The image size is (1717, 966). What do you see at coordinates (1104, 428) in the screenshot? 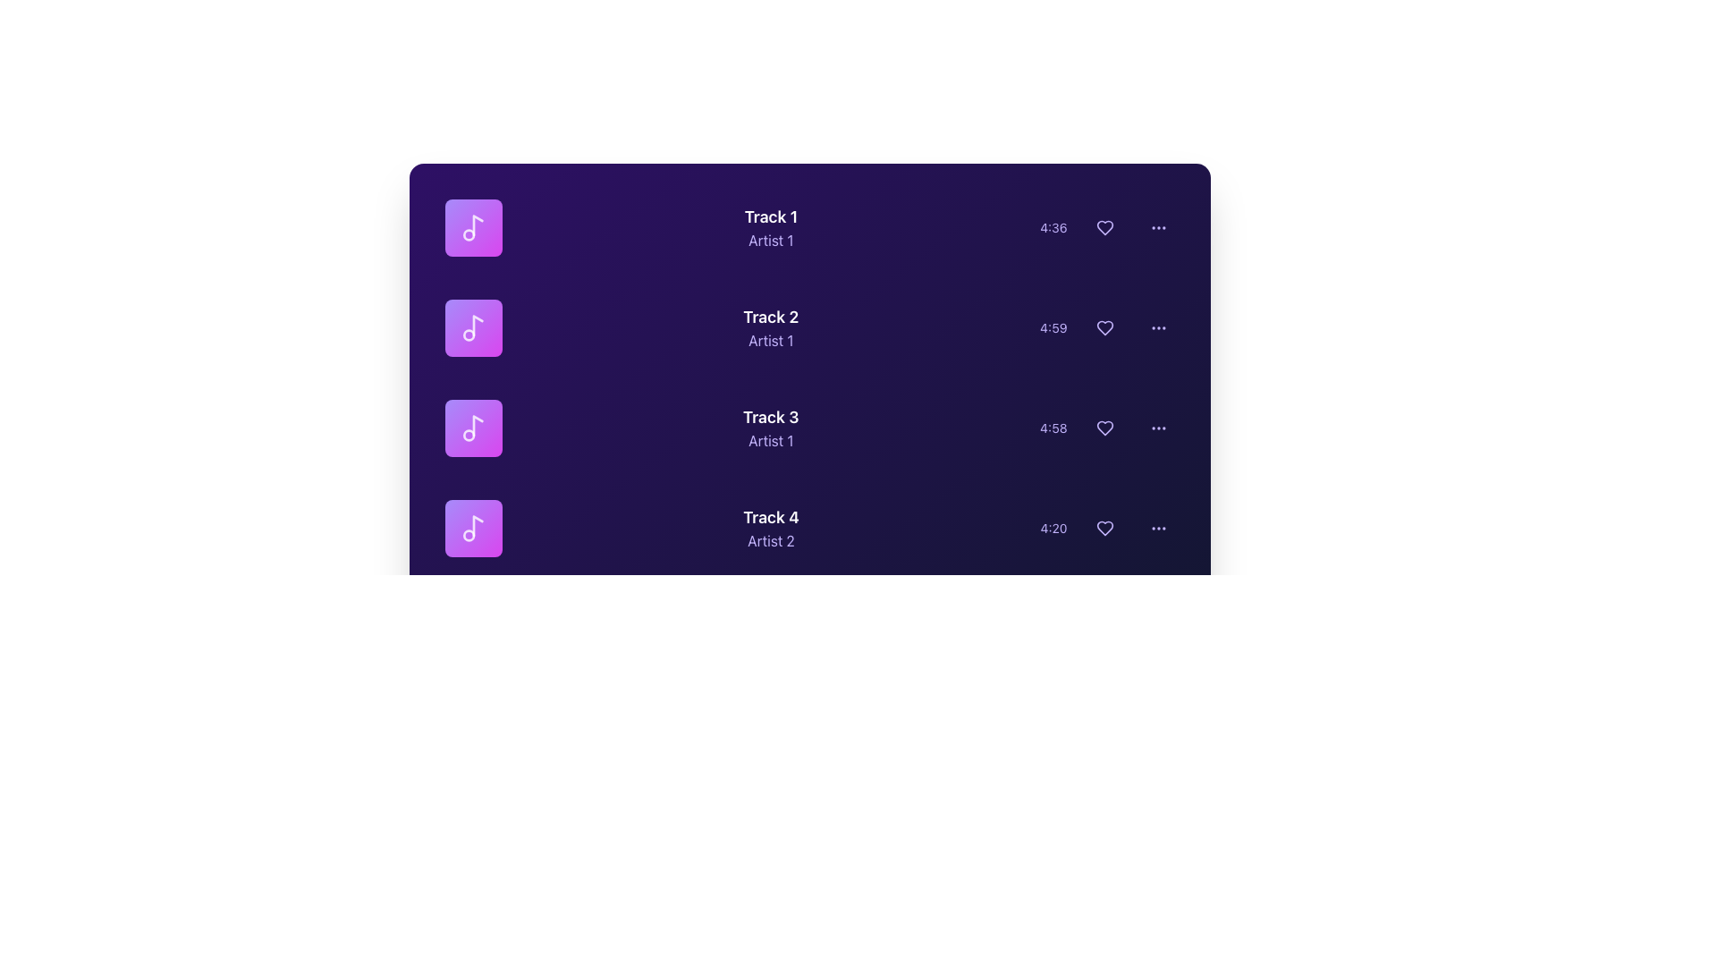
I see `the heart icon styled with a light purple color and an outline design, located to the far right of the row for 'Track 3' in the music playlist, to favorite or unfavorite the item` at bounding box center [1104, 428].